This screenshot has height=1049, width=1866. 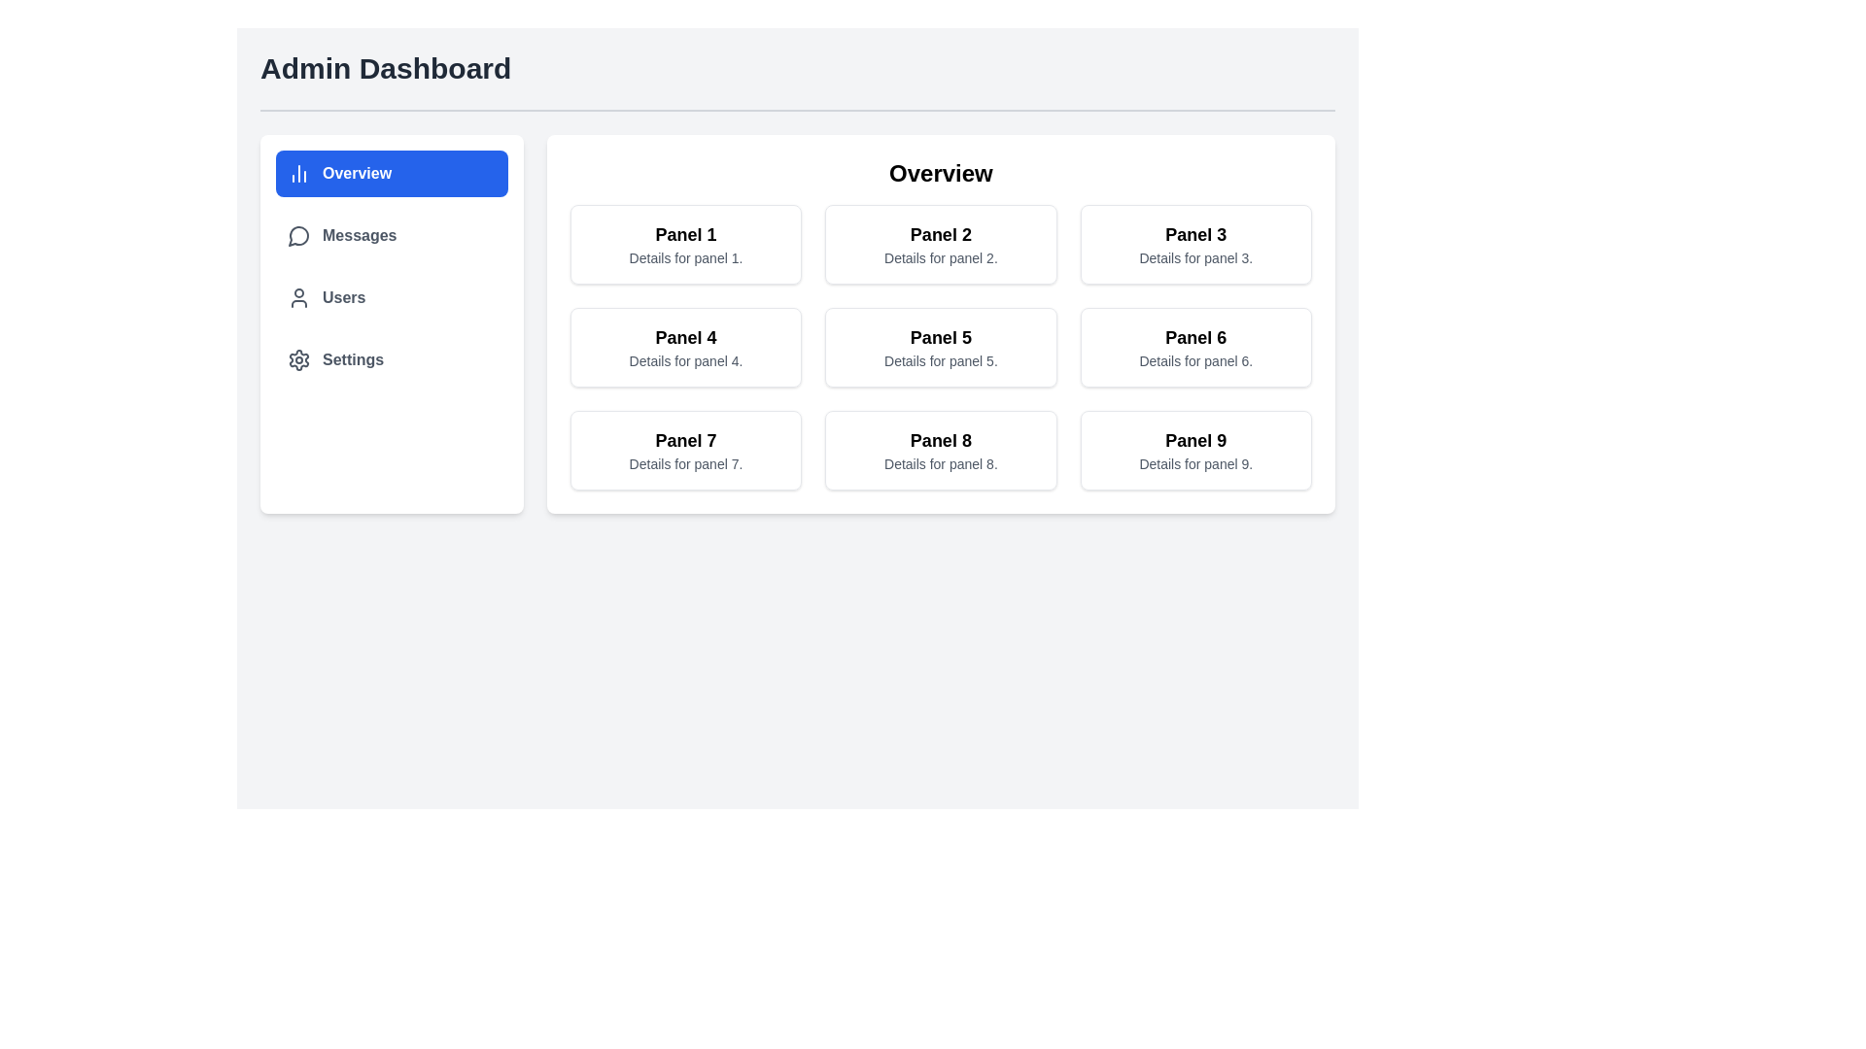 What do you see at coordinates (941, 243) in the screenshot?
I see `title of the Card labeled 'Panel 2', which is the second item in the top row of a 3-by-3 grid layout, positioned between 'Panel 1' and 'Panel 3'` at bounding box center [941, 243].